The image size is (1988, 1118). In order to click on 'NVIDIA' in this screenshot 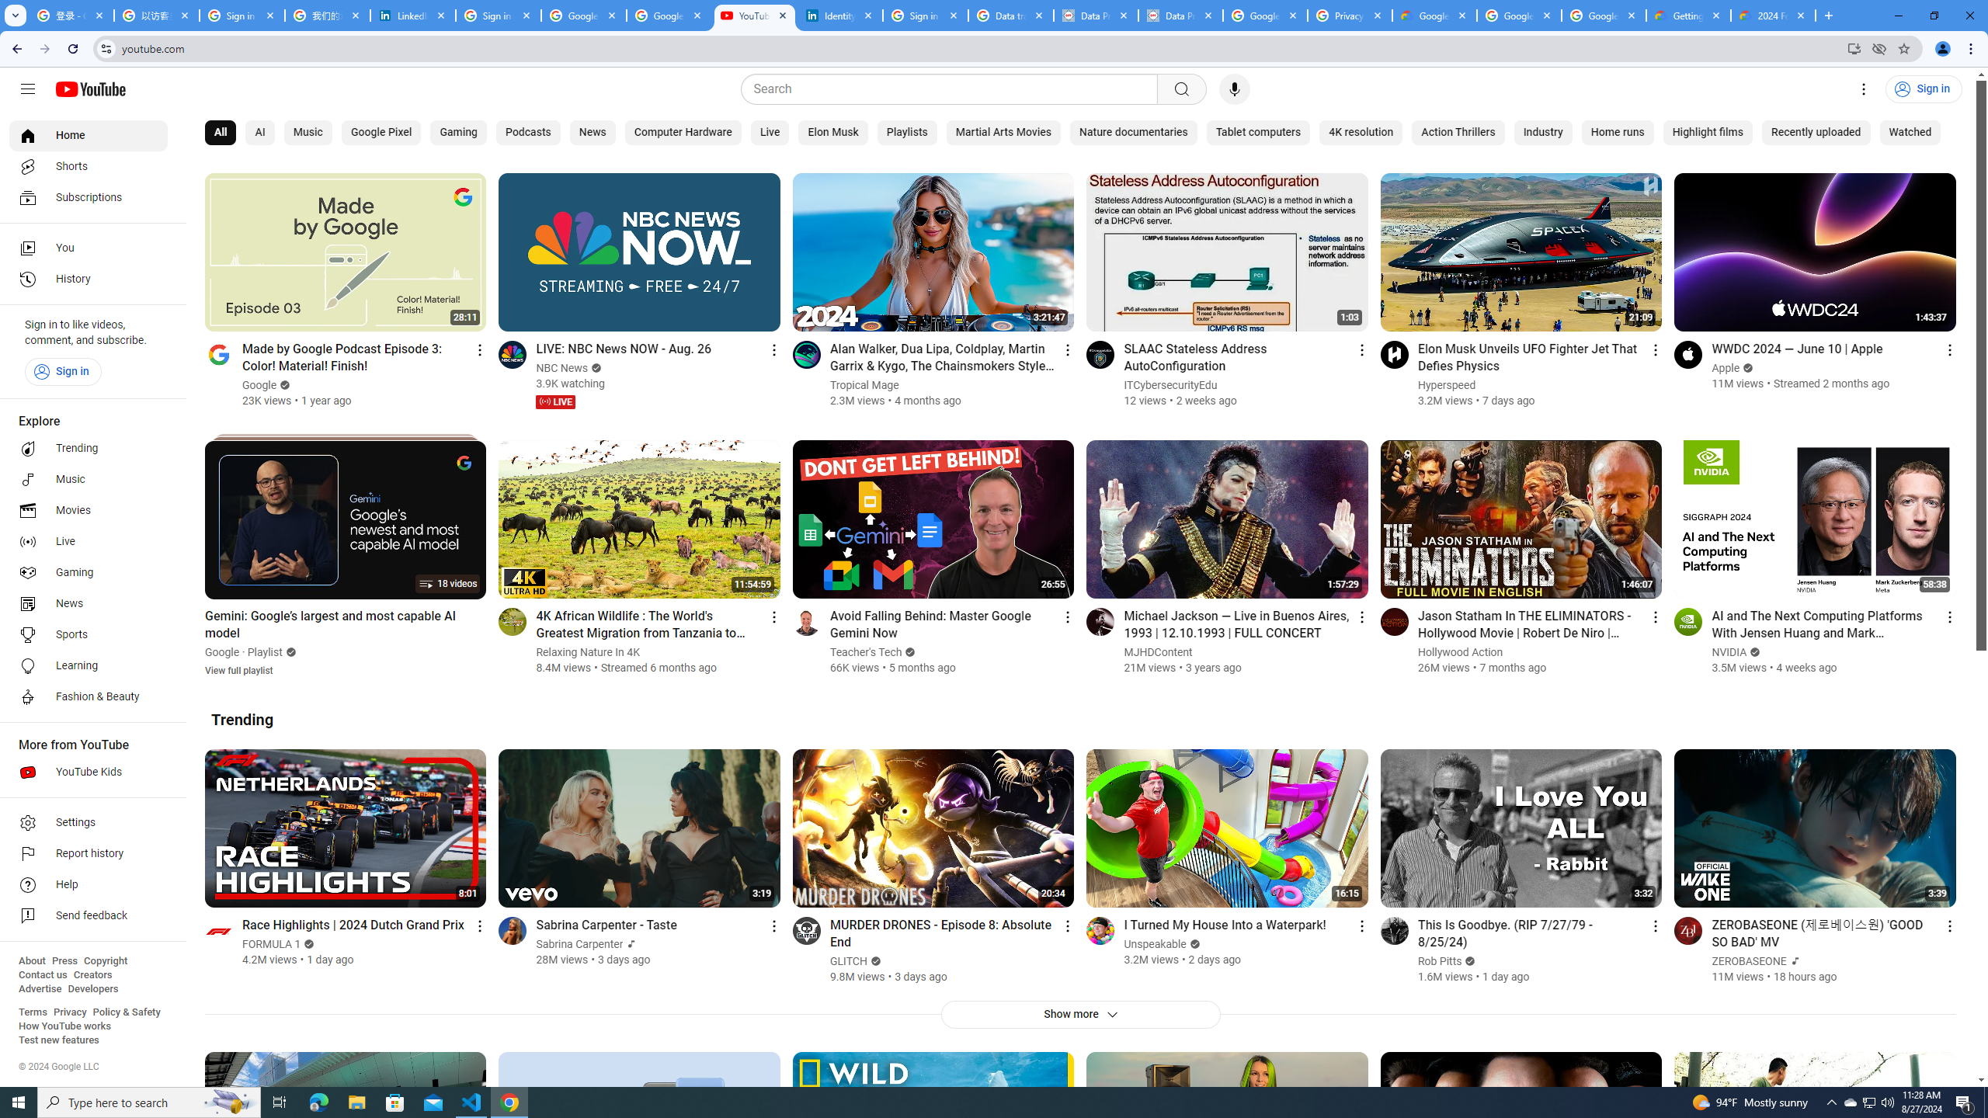, I will do `click(1729, 651)`.